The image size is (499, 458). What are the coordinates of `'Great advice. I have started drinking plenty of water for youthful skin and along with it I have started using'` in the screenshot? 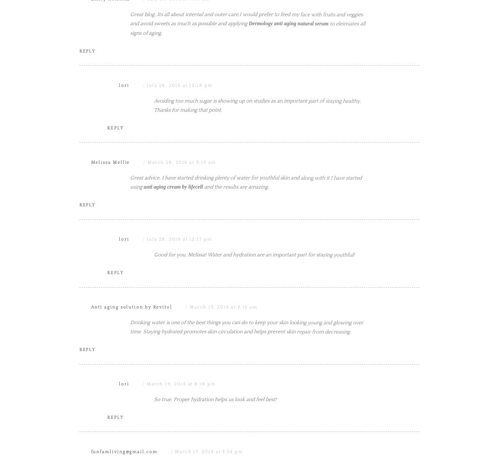 It's located at (130, 269).